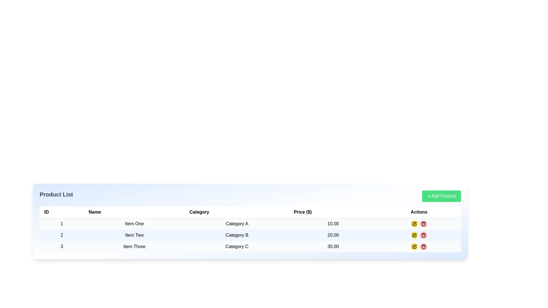  I want to click on the delete action button for 'Item One' located in the 'Actions' column of the product list table to observe its hover style, so click(424, 224).